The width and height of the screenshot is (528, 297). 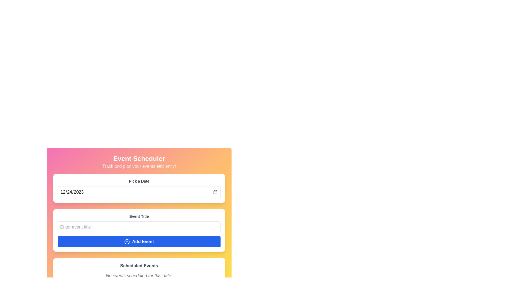 What do you see at coordinates (139, 241) in the screenshot?
I see `the blue button labeled 'Add Event' with a bold font and a plus icon` at bounding box center [139, 241].